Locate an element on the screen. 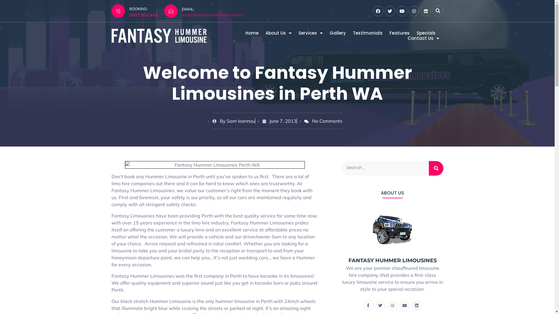 The image size is (559, 314). 'Features' is located at coordinates (399, 33).